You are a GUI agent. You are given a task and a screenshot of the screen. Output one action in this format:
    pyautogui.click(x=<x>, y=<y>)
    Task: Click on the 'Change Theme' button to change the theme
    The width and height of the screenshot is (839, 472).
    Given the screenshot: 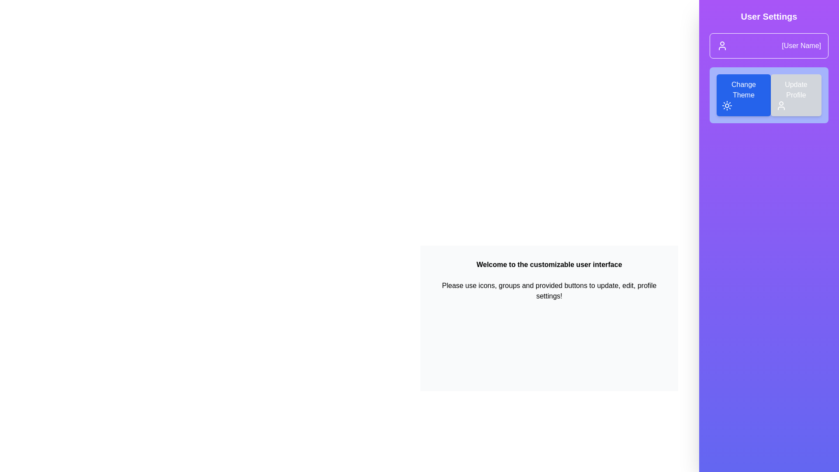 What is the action you would take?
    pyautogui.click(x=743, y=95)
    